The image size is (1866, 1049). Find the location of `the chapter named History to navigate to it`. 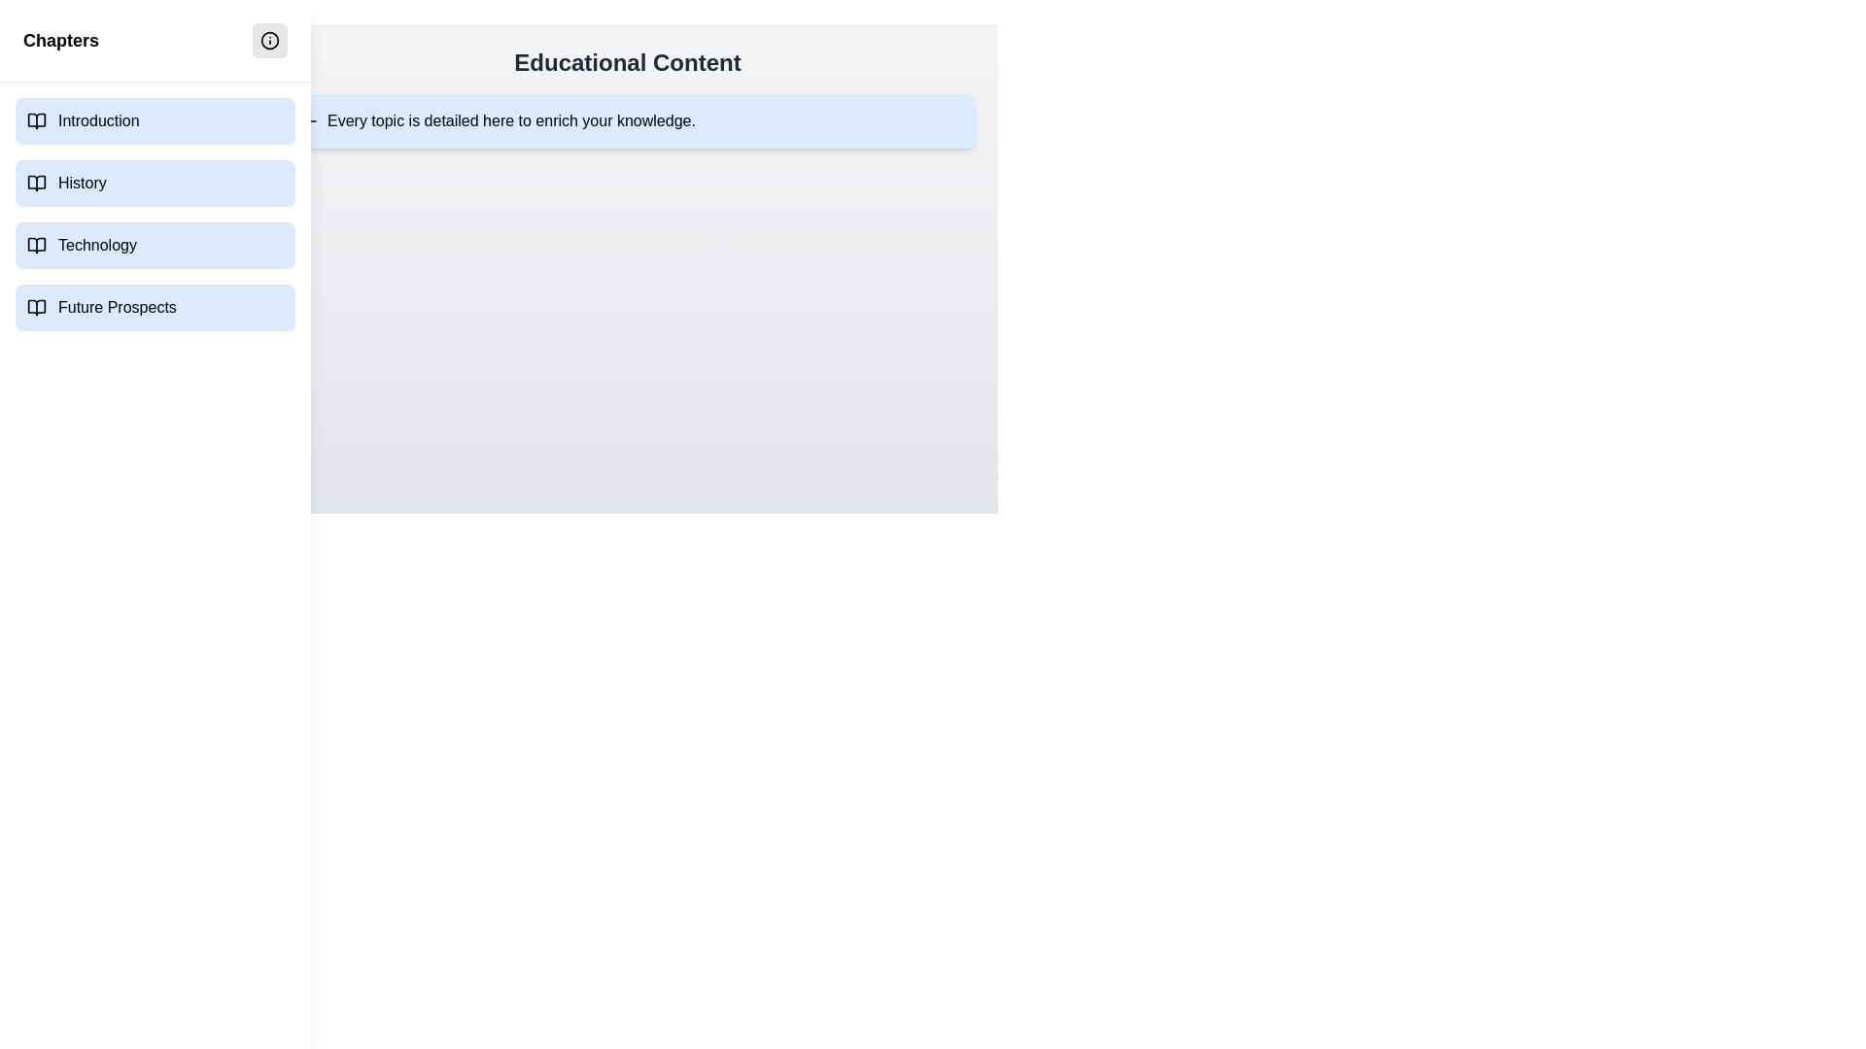

the chapter named History to navigate to it is located at coordinates (154, 184).